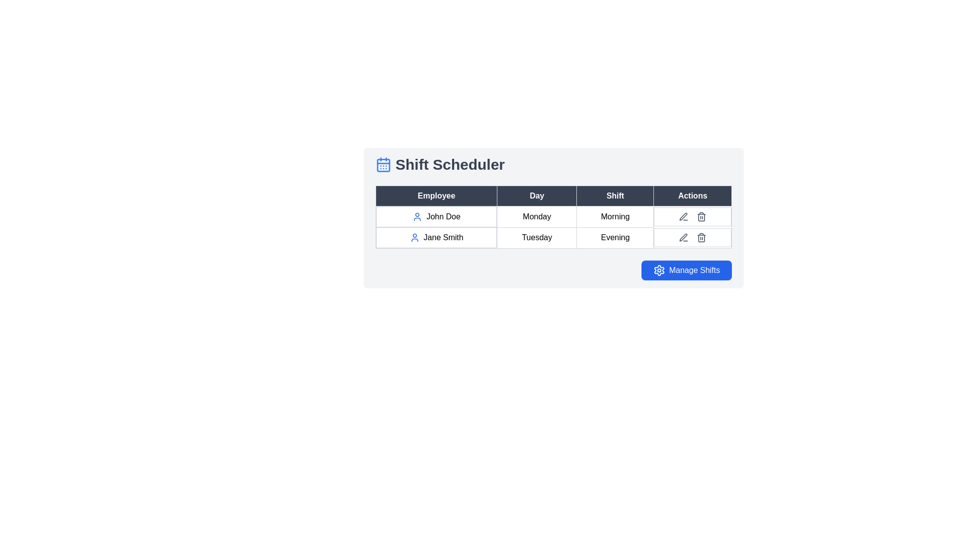 This screenshot has height=536, width=954. I want to click on the Table Header Cell in the first column of the four-column table, which indicates the 'Employee' data column, so click(436, 196).